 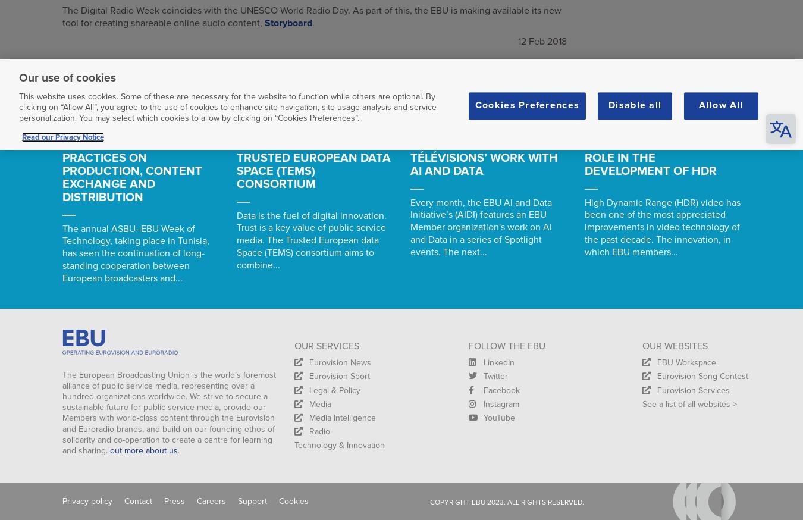 What do you see at coordinates (661, 227) in the screenshot?
I see `'High Dynamic Range (HDR) video has been one of the most appreciated improvements in video technology of the past decade. The innovation, in which EBU members...'` at bounding box center [661, 227].